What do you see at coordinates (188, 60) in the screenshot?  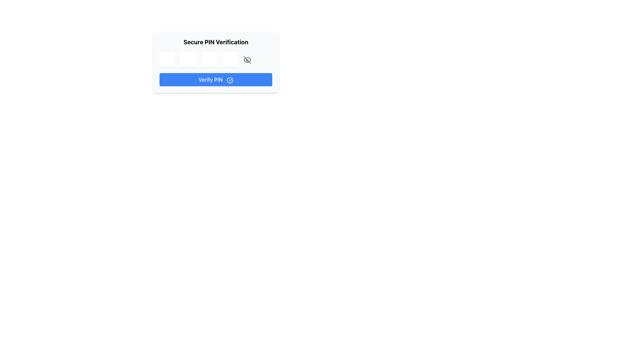 I see `the second input field within the 'Secure PIN Verification' section to focus on it` at bounding box center [188, 60].